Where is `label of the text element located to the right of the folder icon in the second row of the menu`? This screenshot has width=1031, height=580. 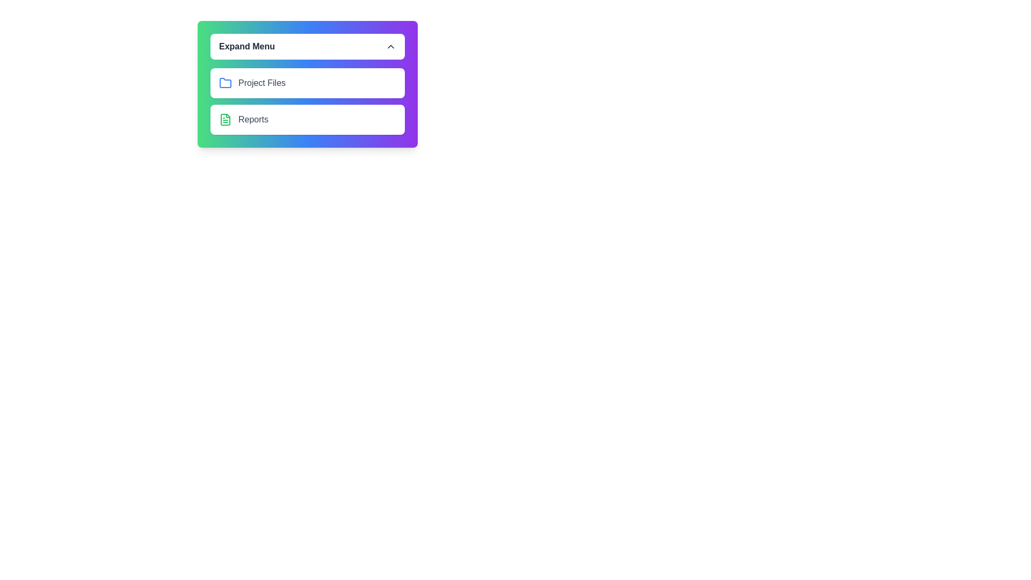
label of the text element located to the right of the folder icon in the second row of the menu is located at coordinates (262, 82).